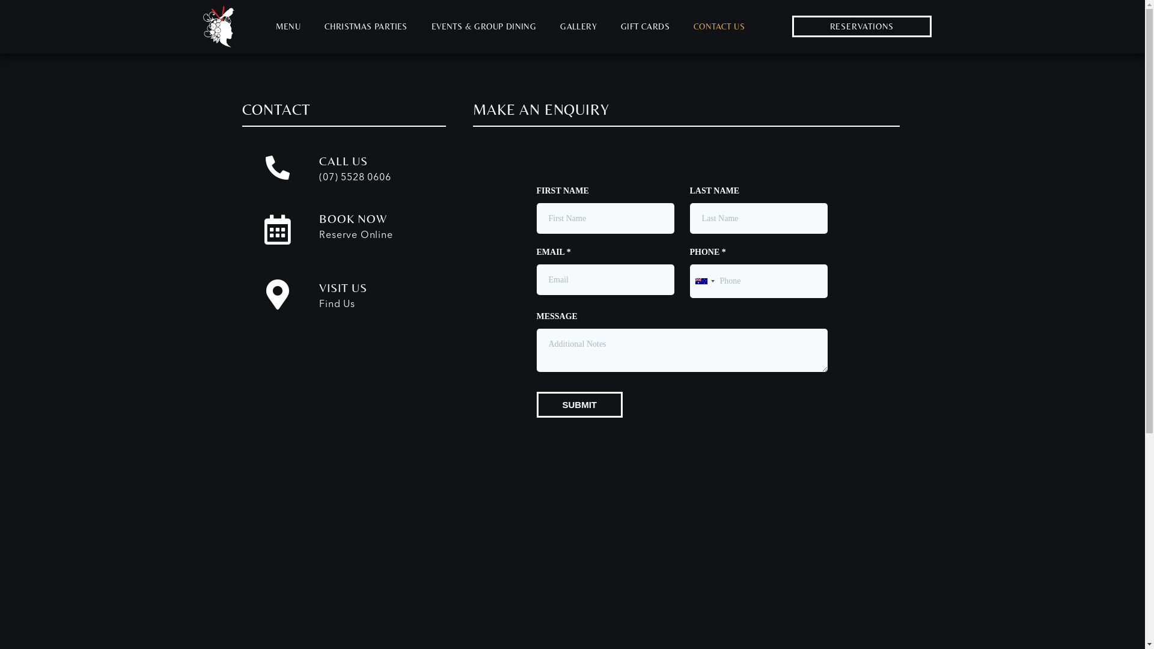 The height and width of the screenshot is (649, 1154). Describe the element at coordinates (355, 236) in the screenshot. I see `'Reserve Online'` at that location.